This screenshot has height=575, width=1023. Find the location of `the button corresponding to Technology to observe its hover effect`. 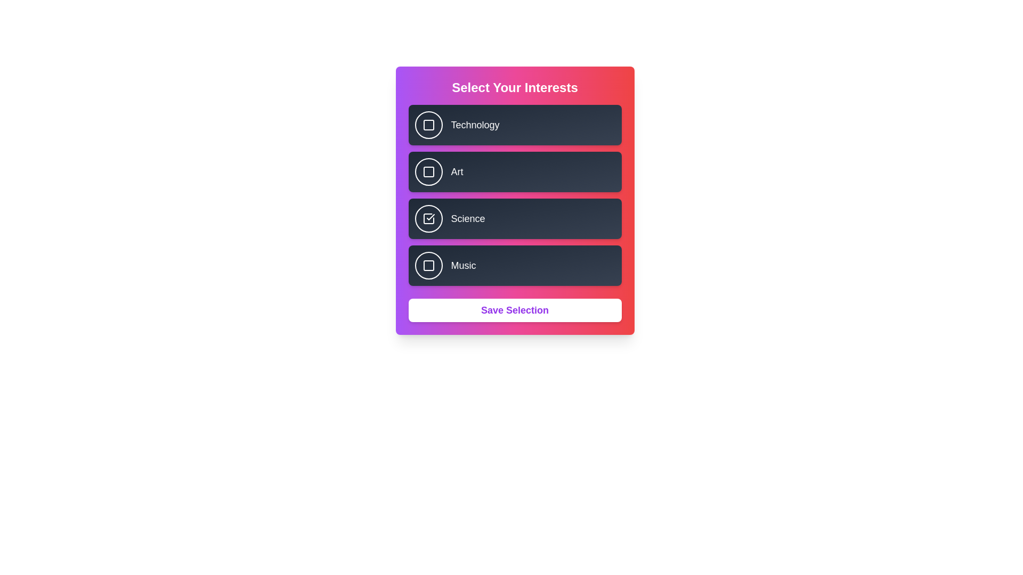

the button corresponding to Technology to observe its hover effect is located at coordinates (428, 125).